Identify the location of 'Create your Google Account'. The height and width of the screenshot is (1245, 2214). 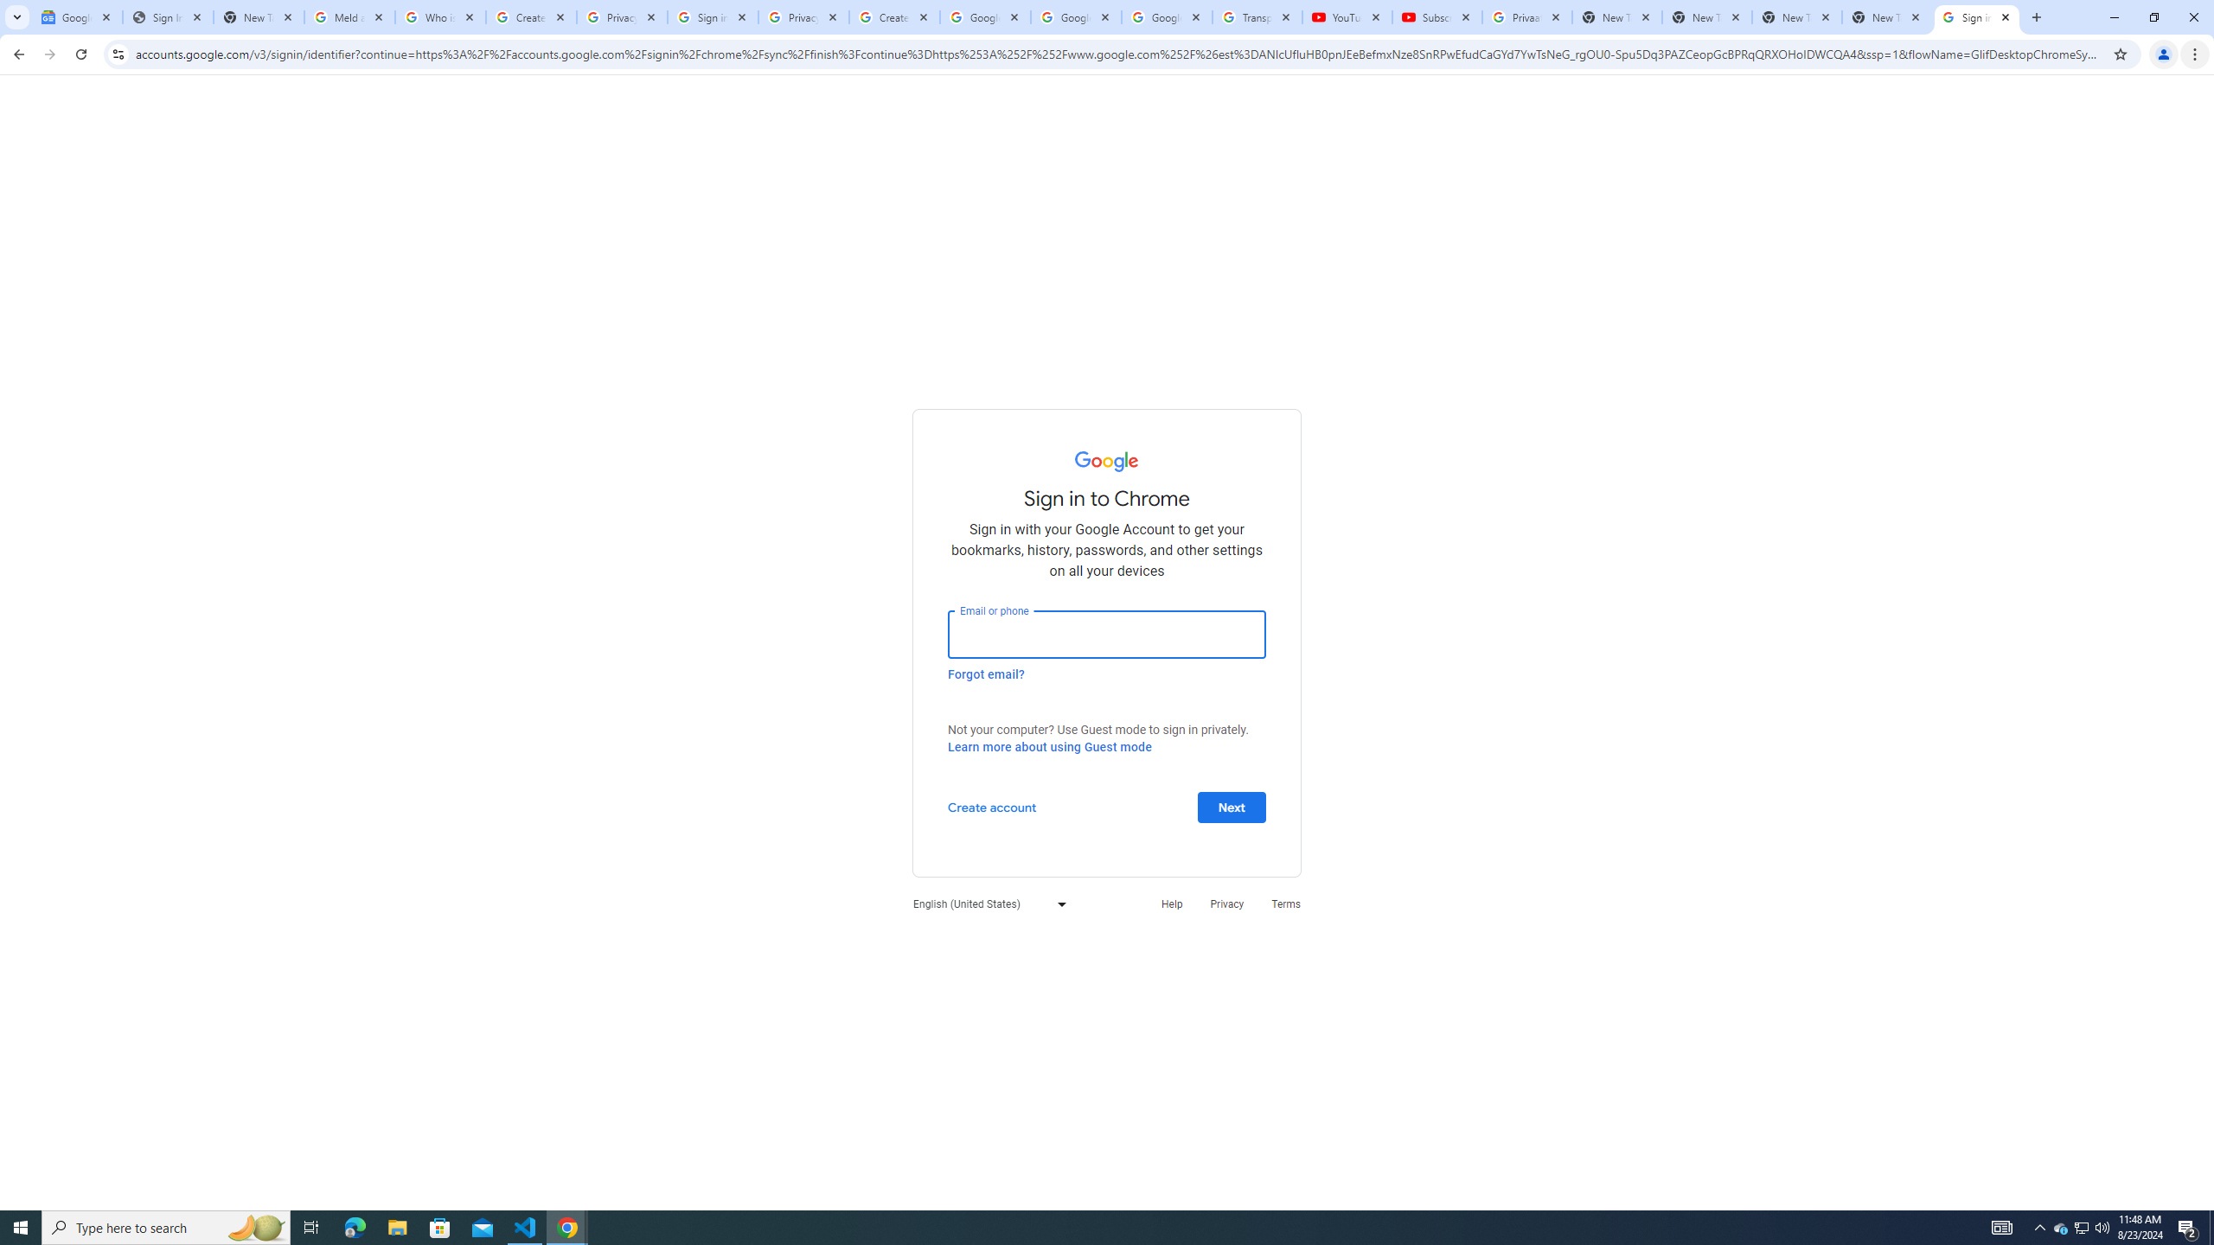
(894, 16).